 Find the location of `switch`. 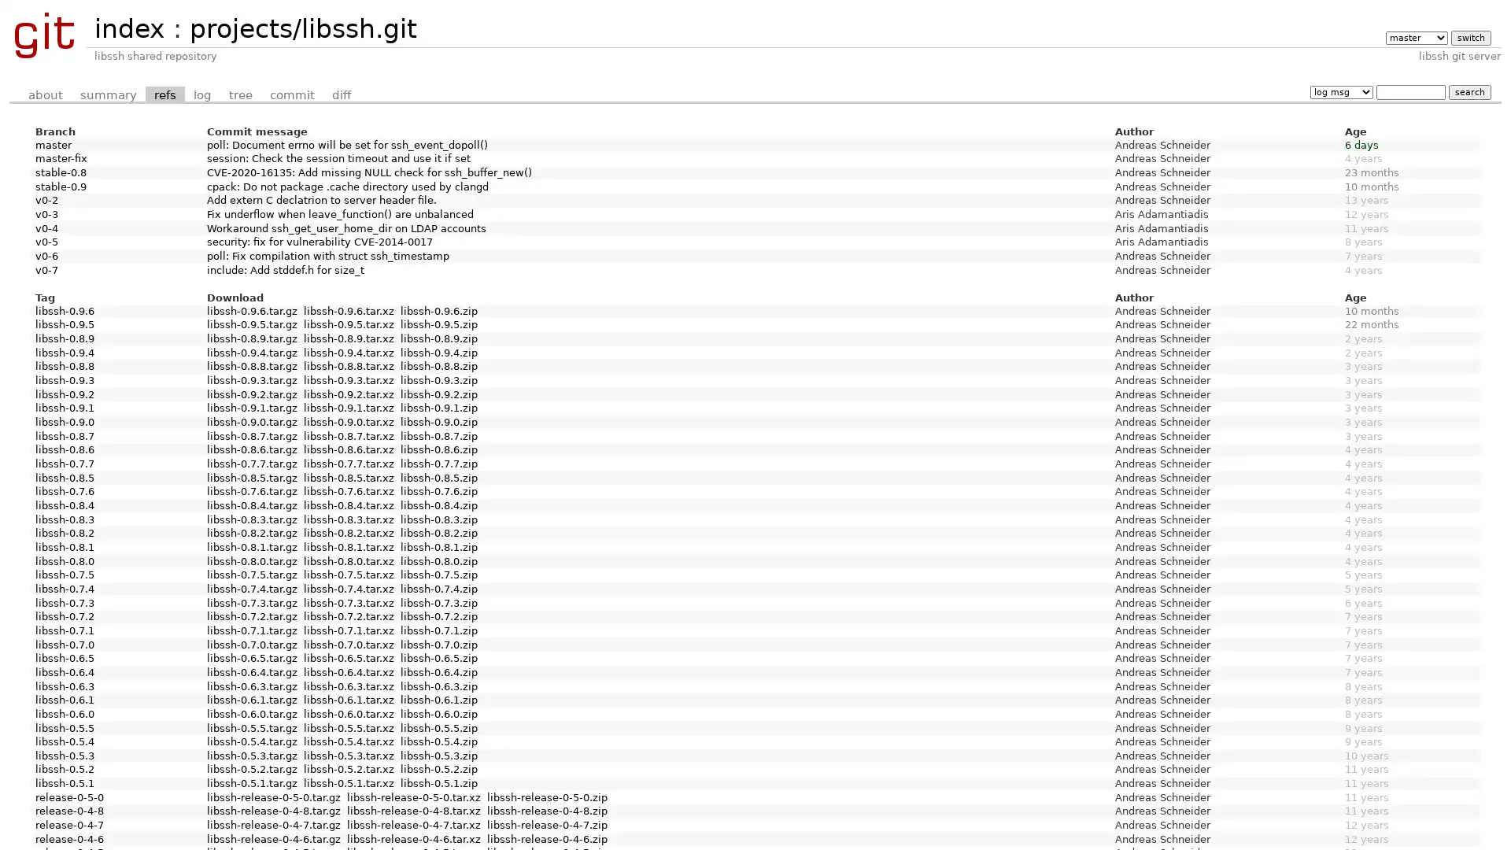

switch is located at coordinates (1469, 37).